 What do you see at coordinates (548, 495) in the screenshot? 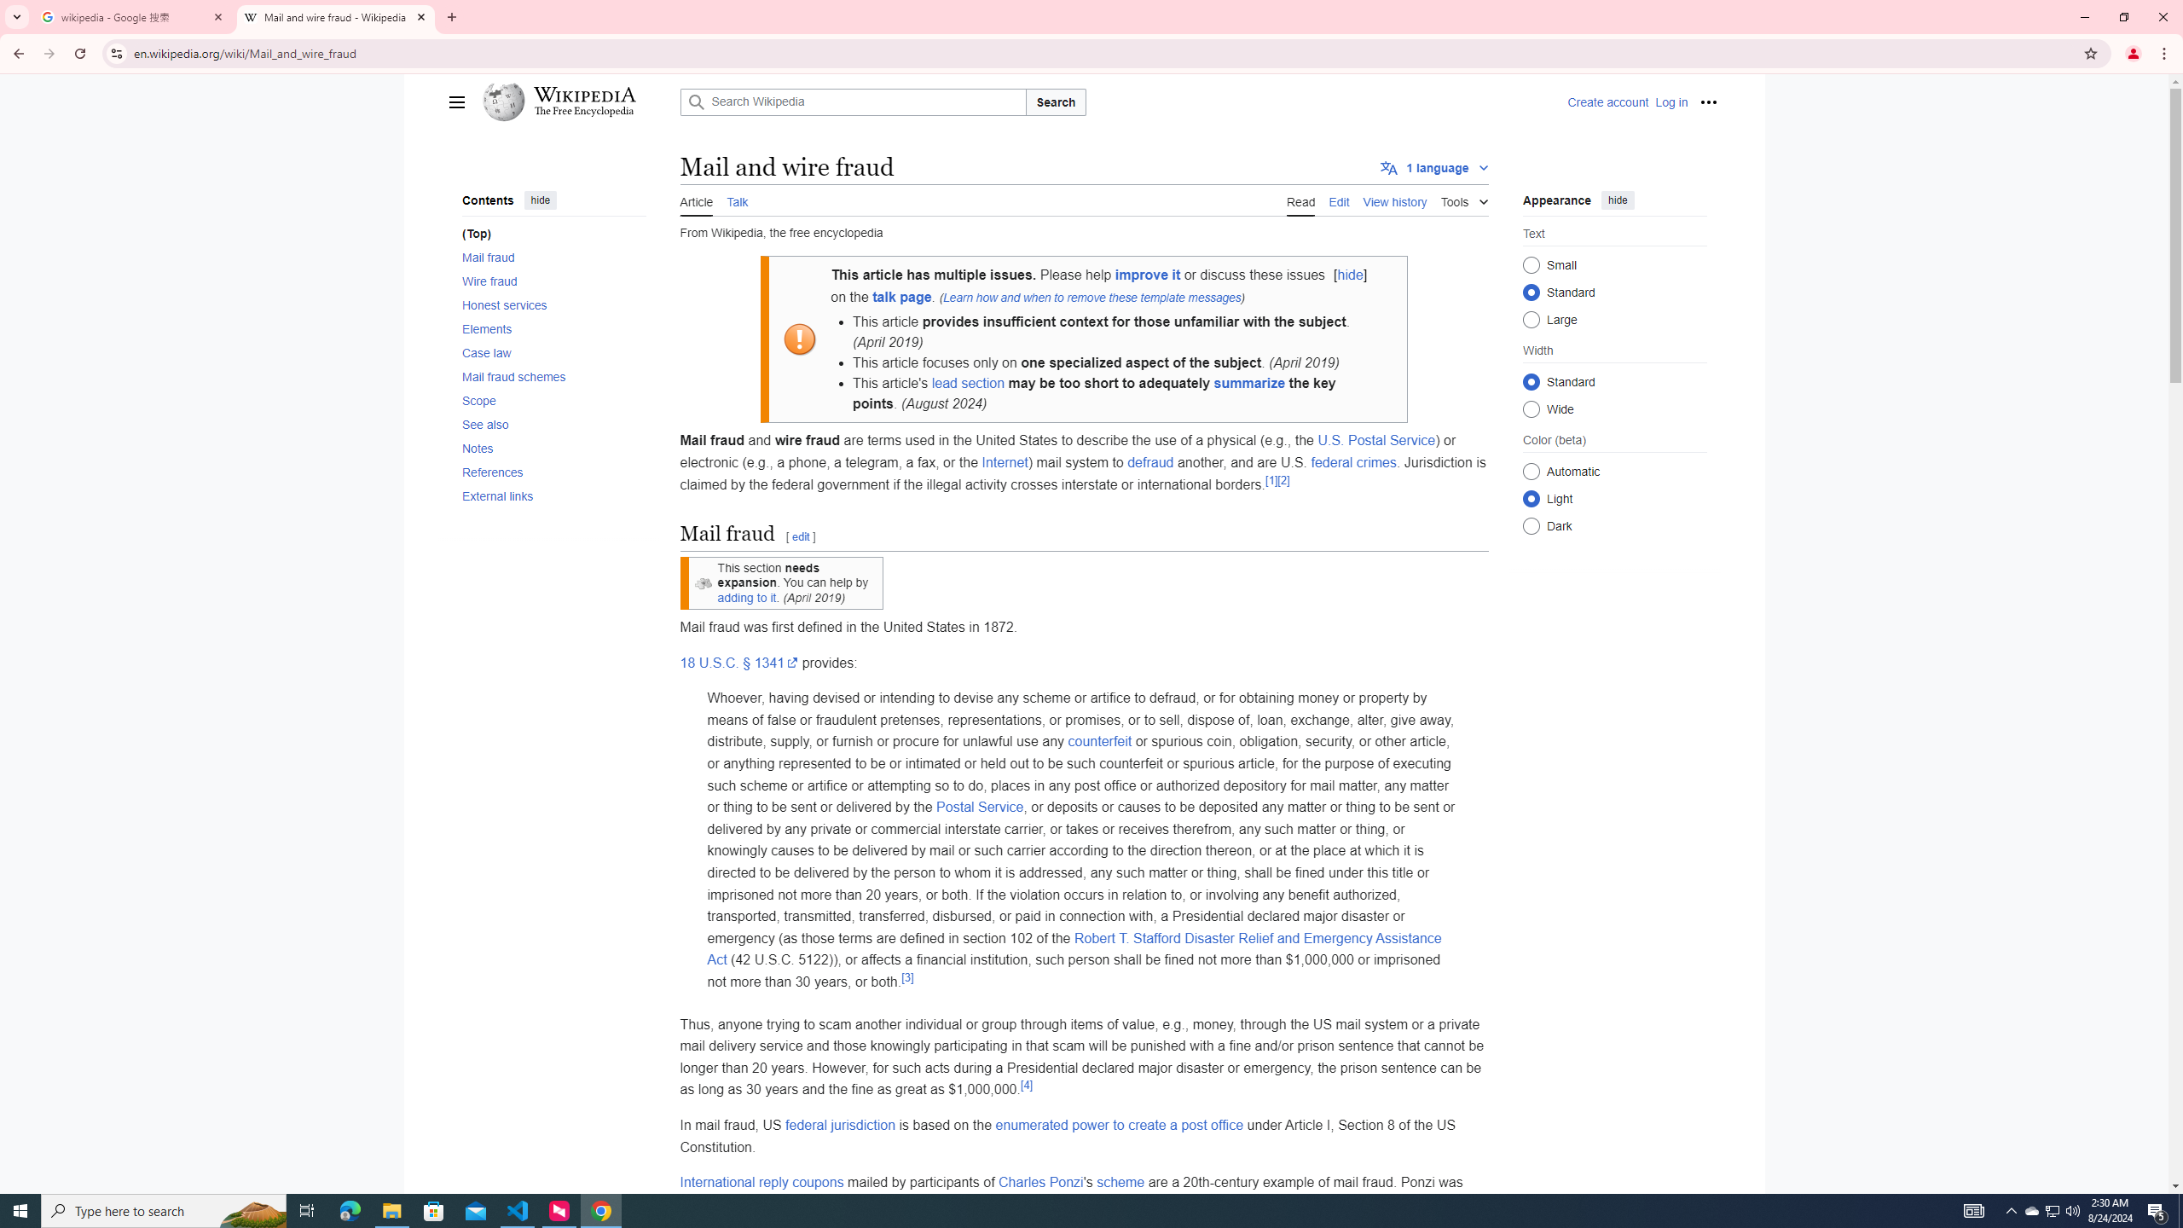
I see `'AutomationID: toc-External_links'` at bounding box center [548, 495].